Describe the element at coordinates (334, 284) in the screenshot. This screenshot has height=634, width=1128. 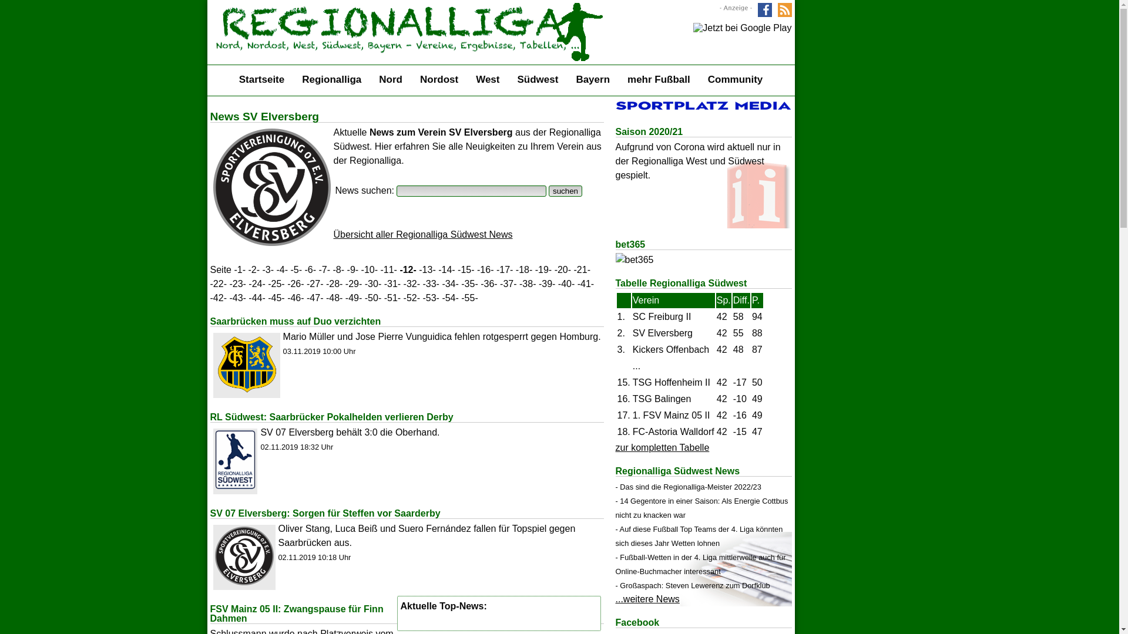
I see `'-28-'` at that location.